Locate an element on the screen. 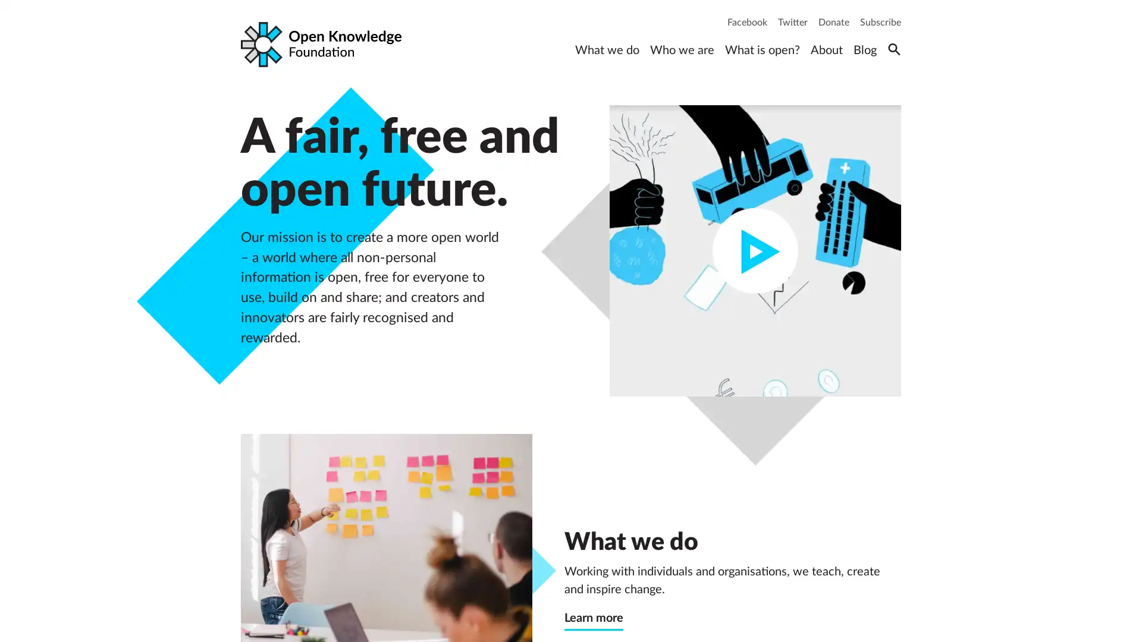 This screenshot has width=1142, height=642. Play video is located at coordinates (755, 250).